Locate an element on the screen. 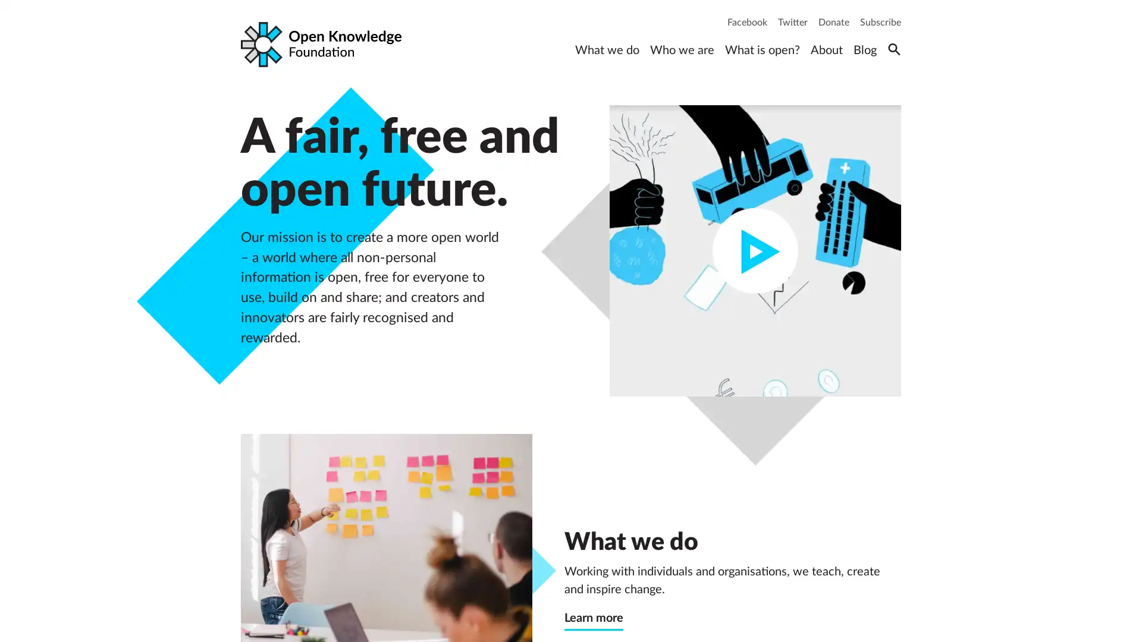 This screenshot has width=1142, height=642. Play video is located at coordinates (755, 250).